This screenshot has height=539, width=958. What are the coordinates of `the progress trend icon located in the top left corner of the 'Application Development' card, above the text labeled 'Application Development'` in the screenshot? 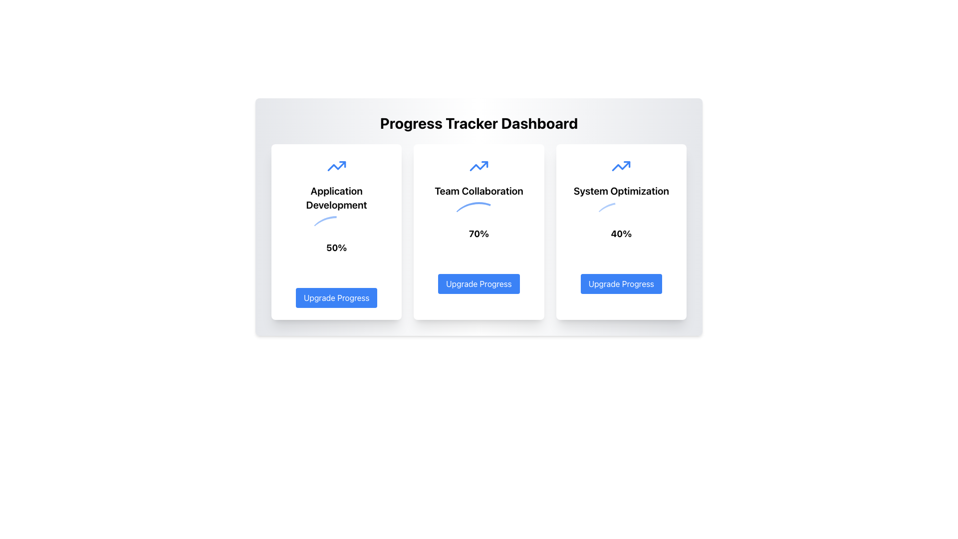 It's located at (336, 165).